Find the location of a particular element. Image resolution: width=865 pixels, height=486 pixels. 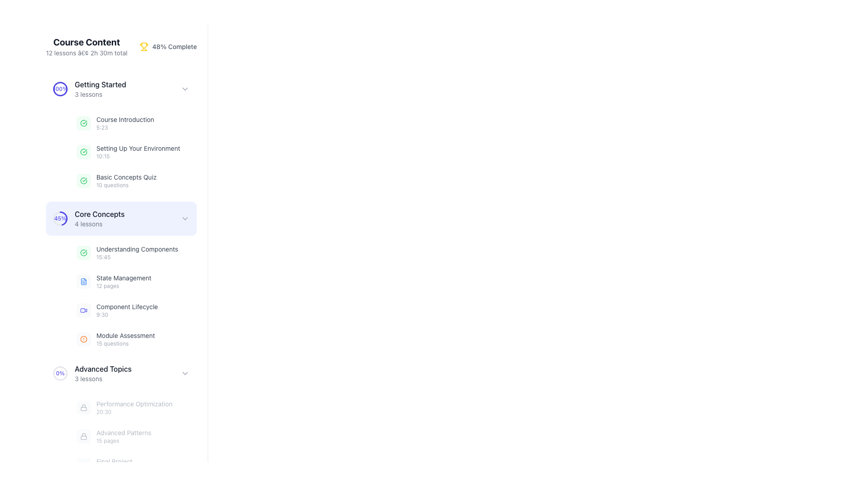

the circular progress indicator that visually represents the completion percentage of the 'Advanced Topics' module, currently at 0%, located to the left of the 'Advanced Topics' text is located at coordinates (60, 373).